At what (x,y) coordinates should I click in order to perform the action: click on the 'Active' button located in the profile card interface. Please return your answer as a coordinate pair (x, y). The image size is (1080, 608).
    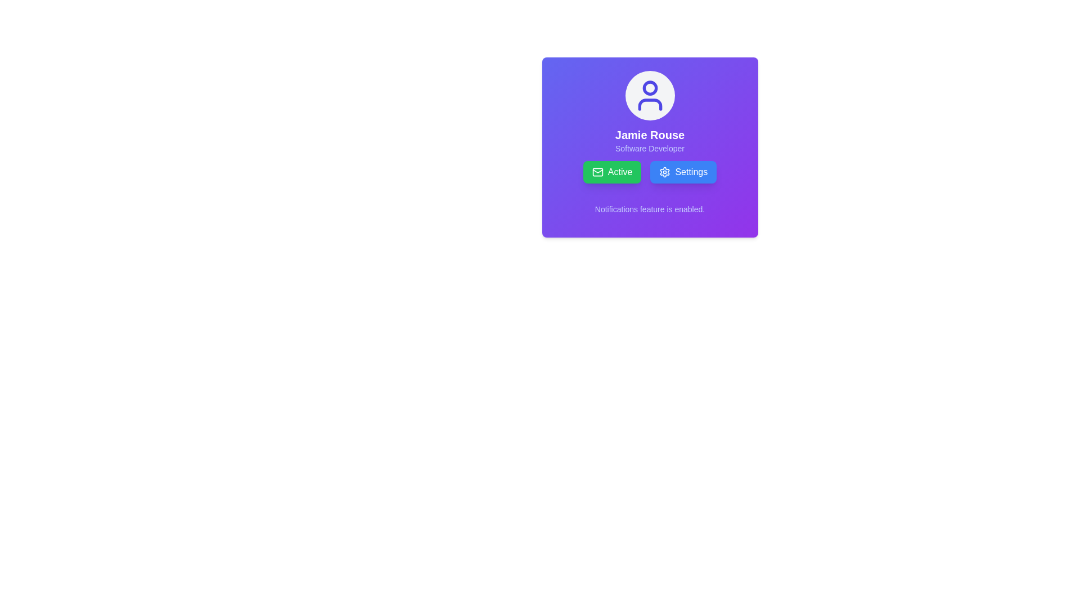
    Looking at the image, I should click on (611, 172).